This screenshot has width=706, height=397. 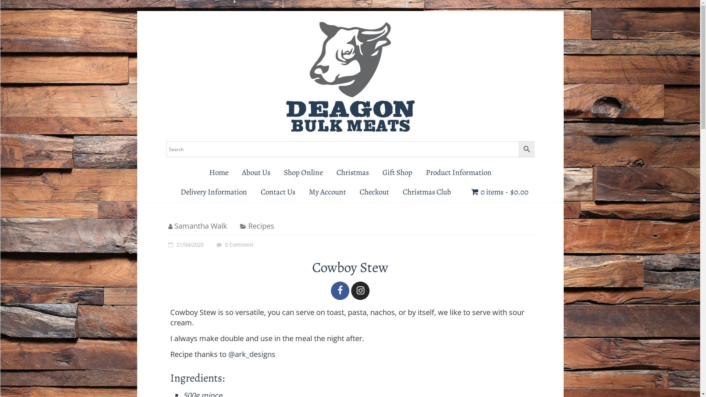 I want to click on 'Home', so click(x=218, y=172).